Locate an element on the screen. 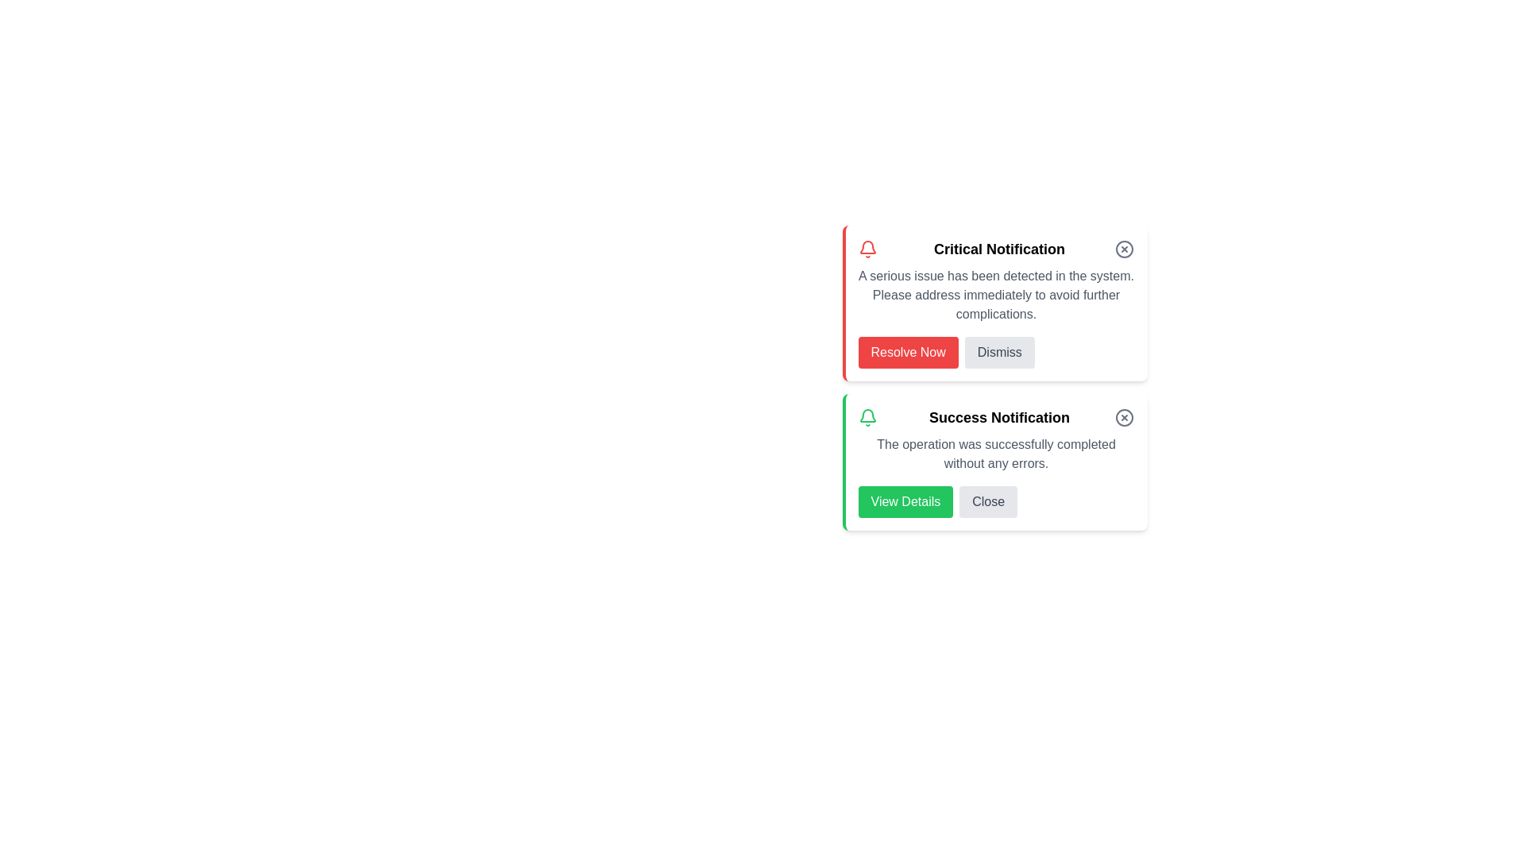 The height and width of the screenshot is (858, 1525). the decorative notification icon located at the top-left corner of the 'Success Notification' box, immediately to the left of the text 'Success Notification' is located at coordinates (867, 416).